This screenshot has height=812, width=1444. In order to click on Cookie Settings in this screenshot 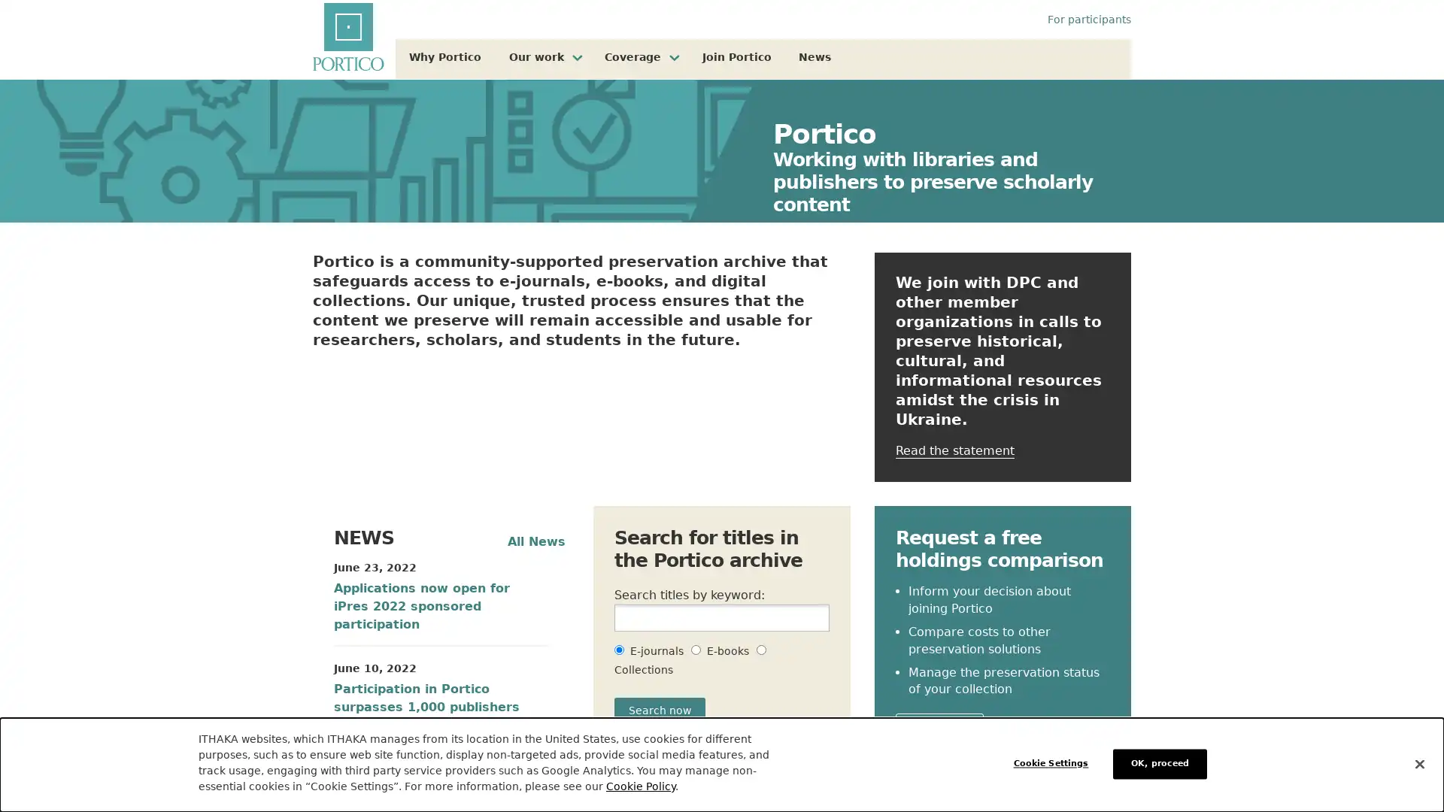, I will do `click(1054, 763)`.